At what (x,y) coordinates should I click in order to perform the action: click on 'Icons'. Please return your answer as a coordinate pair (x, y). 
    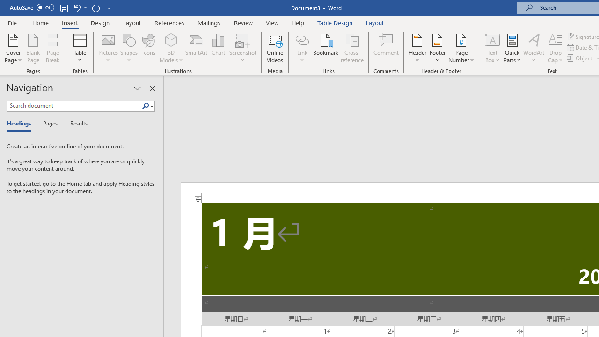
    Looking at the image, I should click on (148, 48).